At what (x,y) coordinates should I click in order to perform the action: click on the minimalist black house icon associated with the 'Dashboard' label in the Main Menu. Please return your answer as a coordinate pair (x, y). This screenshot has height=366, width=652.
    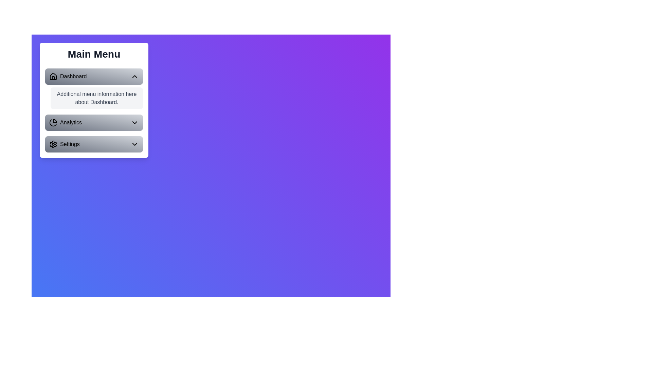
    Looking at the image, I should click on (53, 76).